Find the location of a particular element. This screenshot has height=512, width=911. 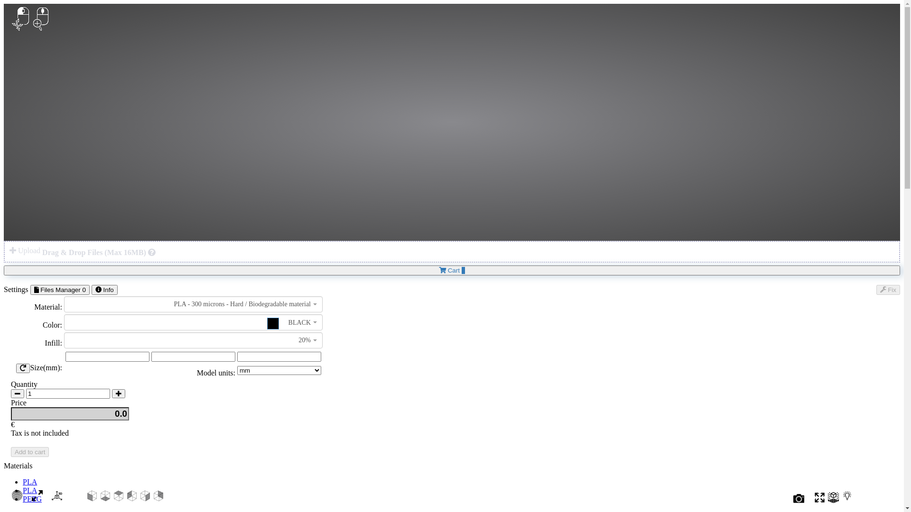

'PLA' is located at coordinates (29, 490).